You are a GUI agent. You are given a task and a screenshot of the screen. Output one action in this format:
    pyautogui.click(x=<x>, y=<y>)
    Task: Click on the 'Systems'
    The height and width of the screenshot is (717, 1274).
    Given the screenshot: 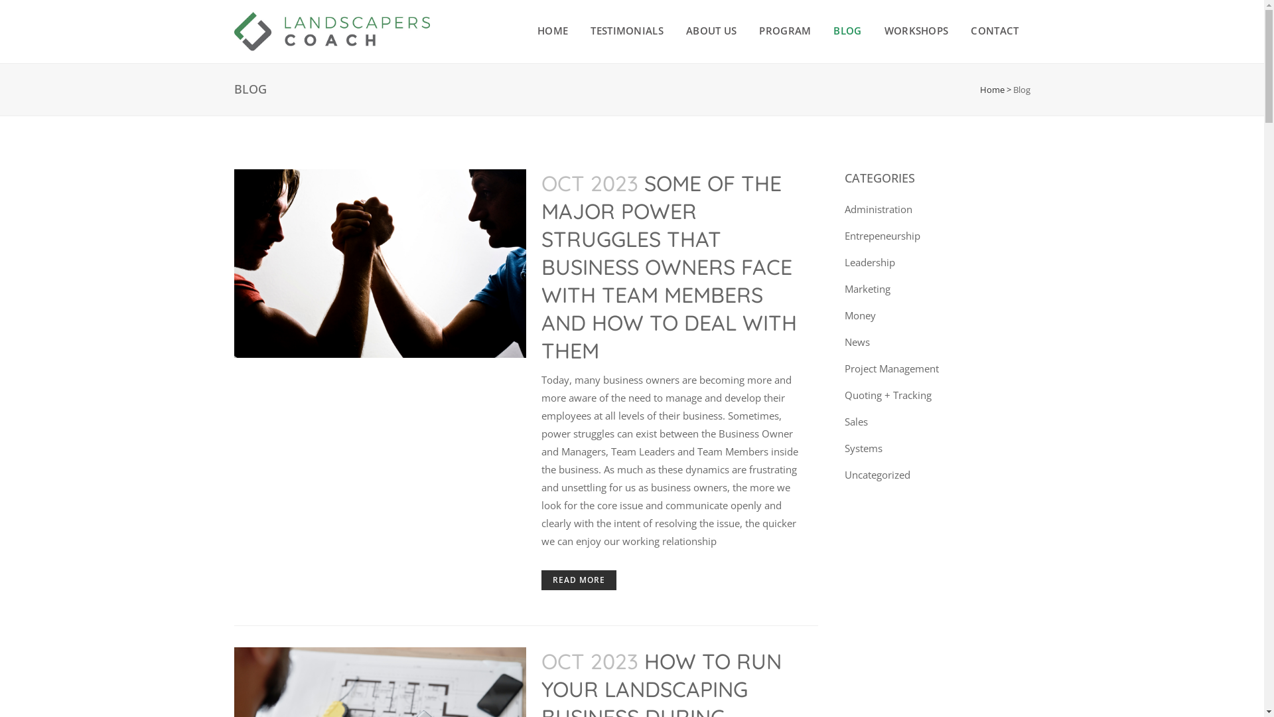 What is the action you would take?
    pyautogui.click(x=863, y=448)
    